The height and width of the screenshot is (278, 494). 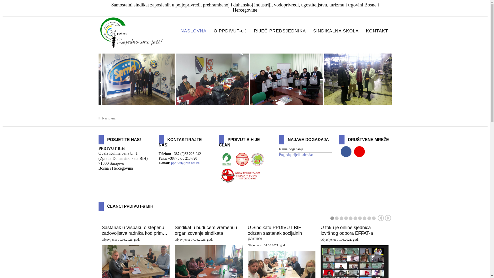 What do you see at coordinates (355, 218) in the screenshot?
I see `'6'` at bounding box center [355, 218].